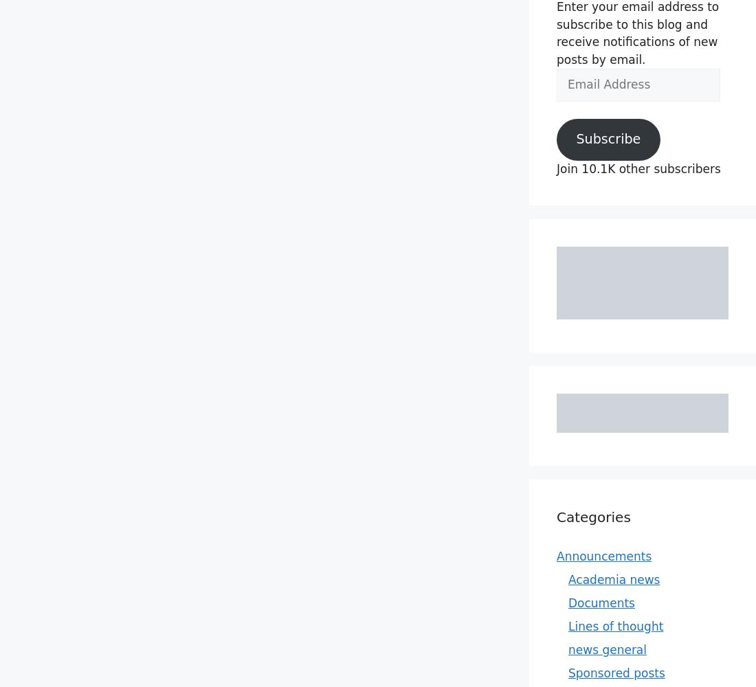  Describe the element at coordinates (607, 138) in the screenshot. I see `'Subscribe'` at that location.